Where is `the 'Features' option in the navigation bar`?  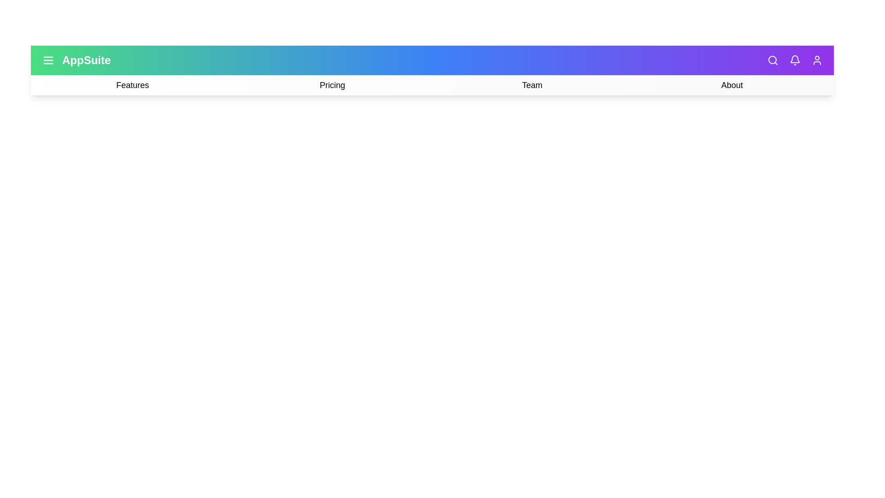 the 'Features' option in the navigation bar is located at coordinates (132, 85).